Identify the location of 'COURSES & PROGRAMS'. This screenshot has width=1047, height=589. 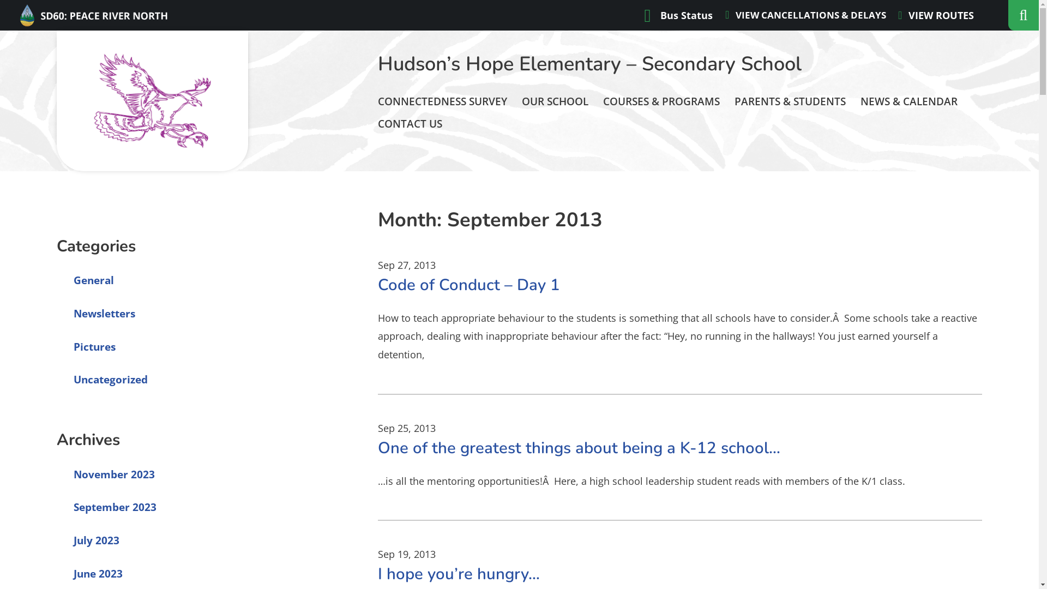
(661, 101).